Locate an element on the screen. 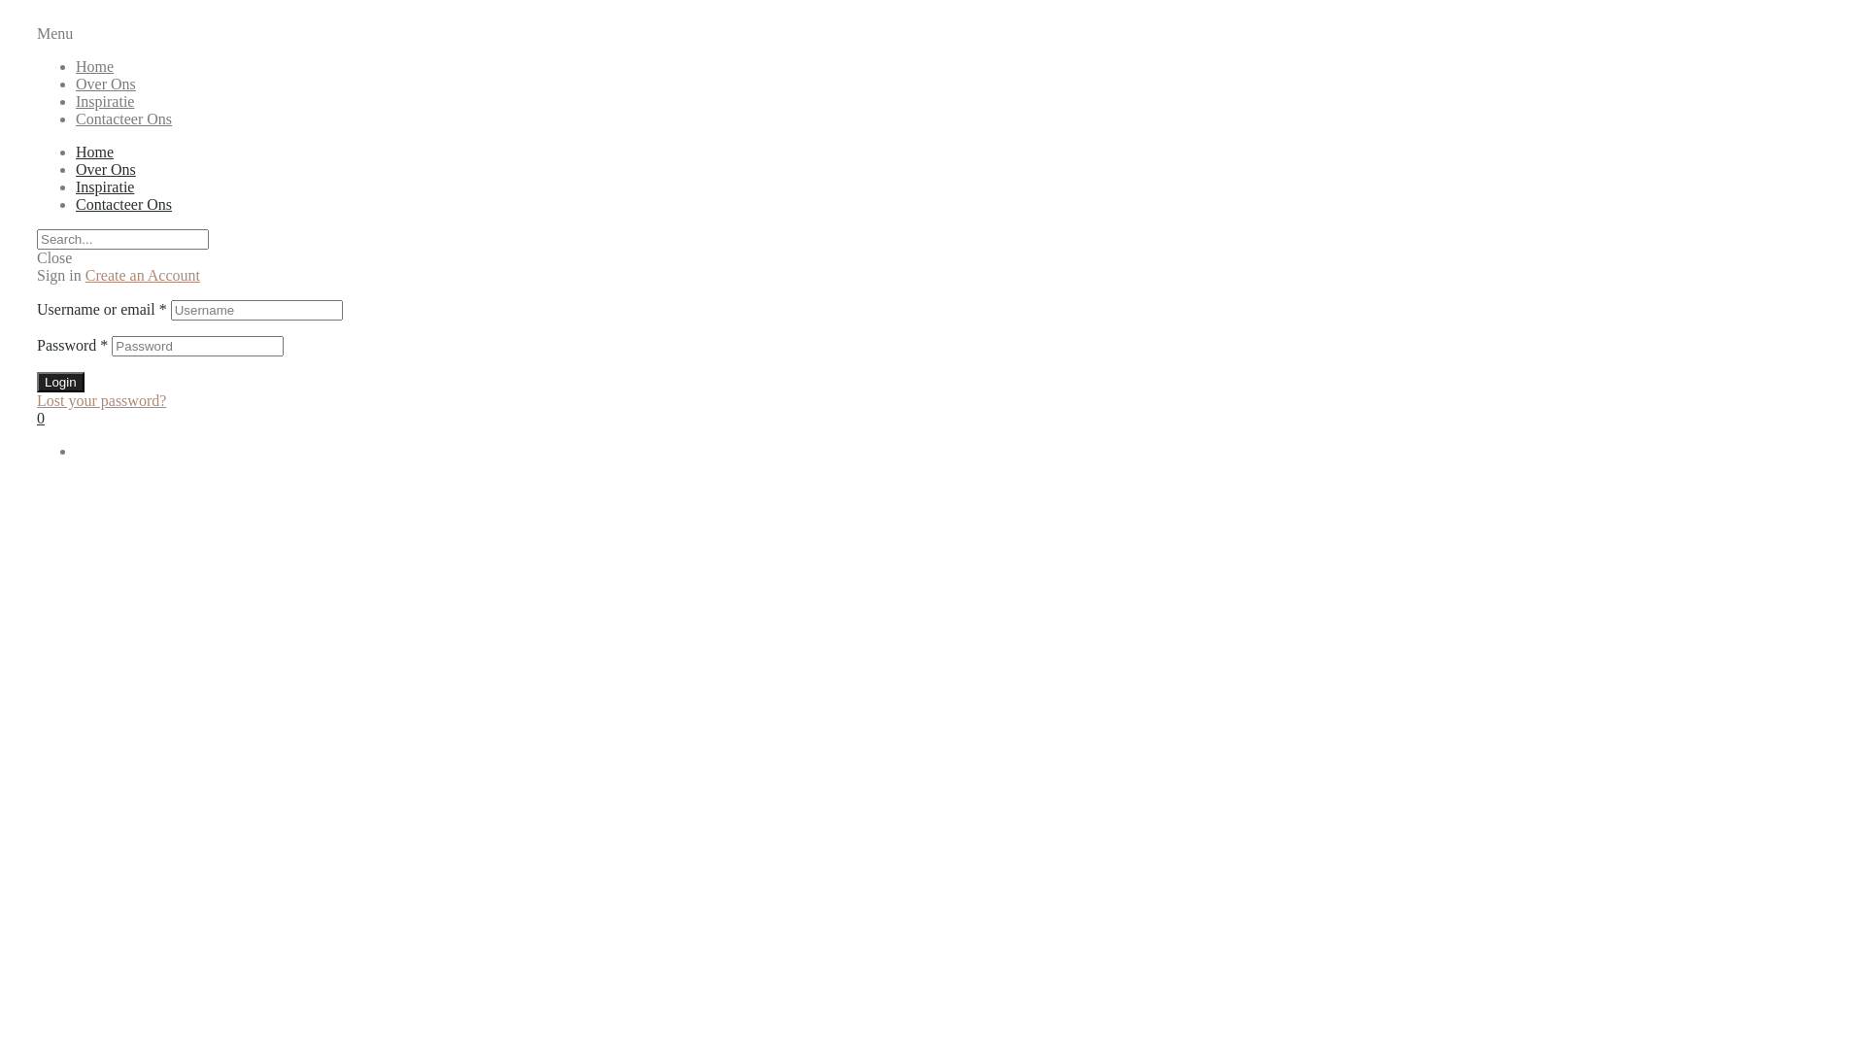  'Home' is located at coordinates (93, 151).